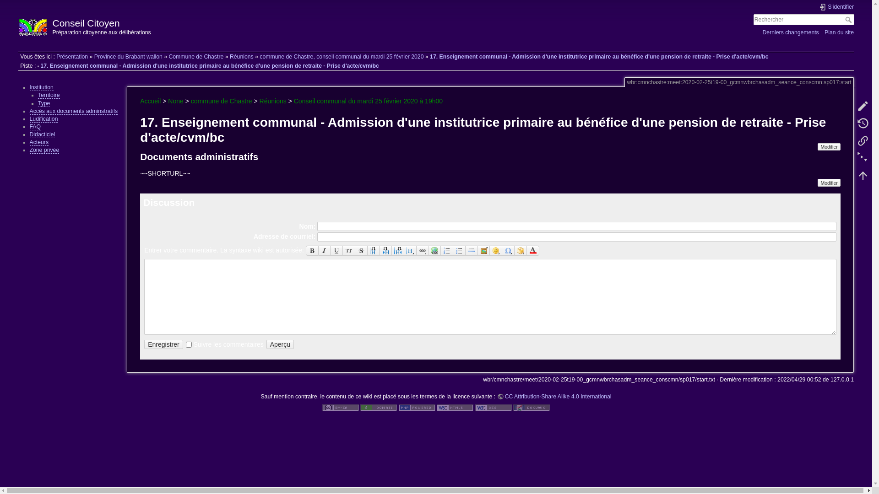 The width and height of the screenshot is (879, 494). What do you see at coordinates (336, 250) in the screenshot?
I see `'Soulignage [U]'` at bounding box center [336, 250].